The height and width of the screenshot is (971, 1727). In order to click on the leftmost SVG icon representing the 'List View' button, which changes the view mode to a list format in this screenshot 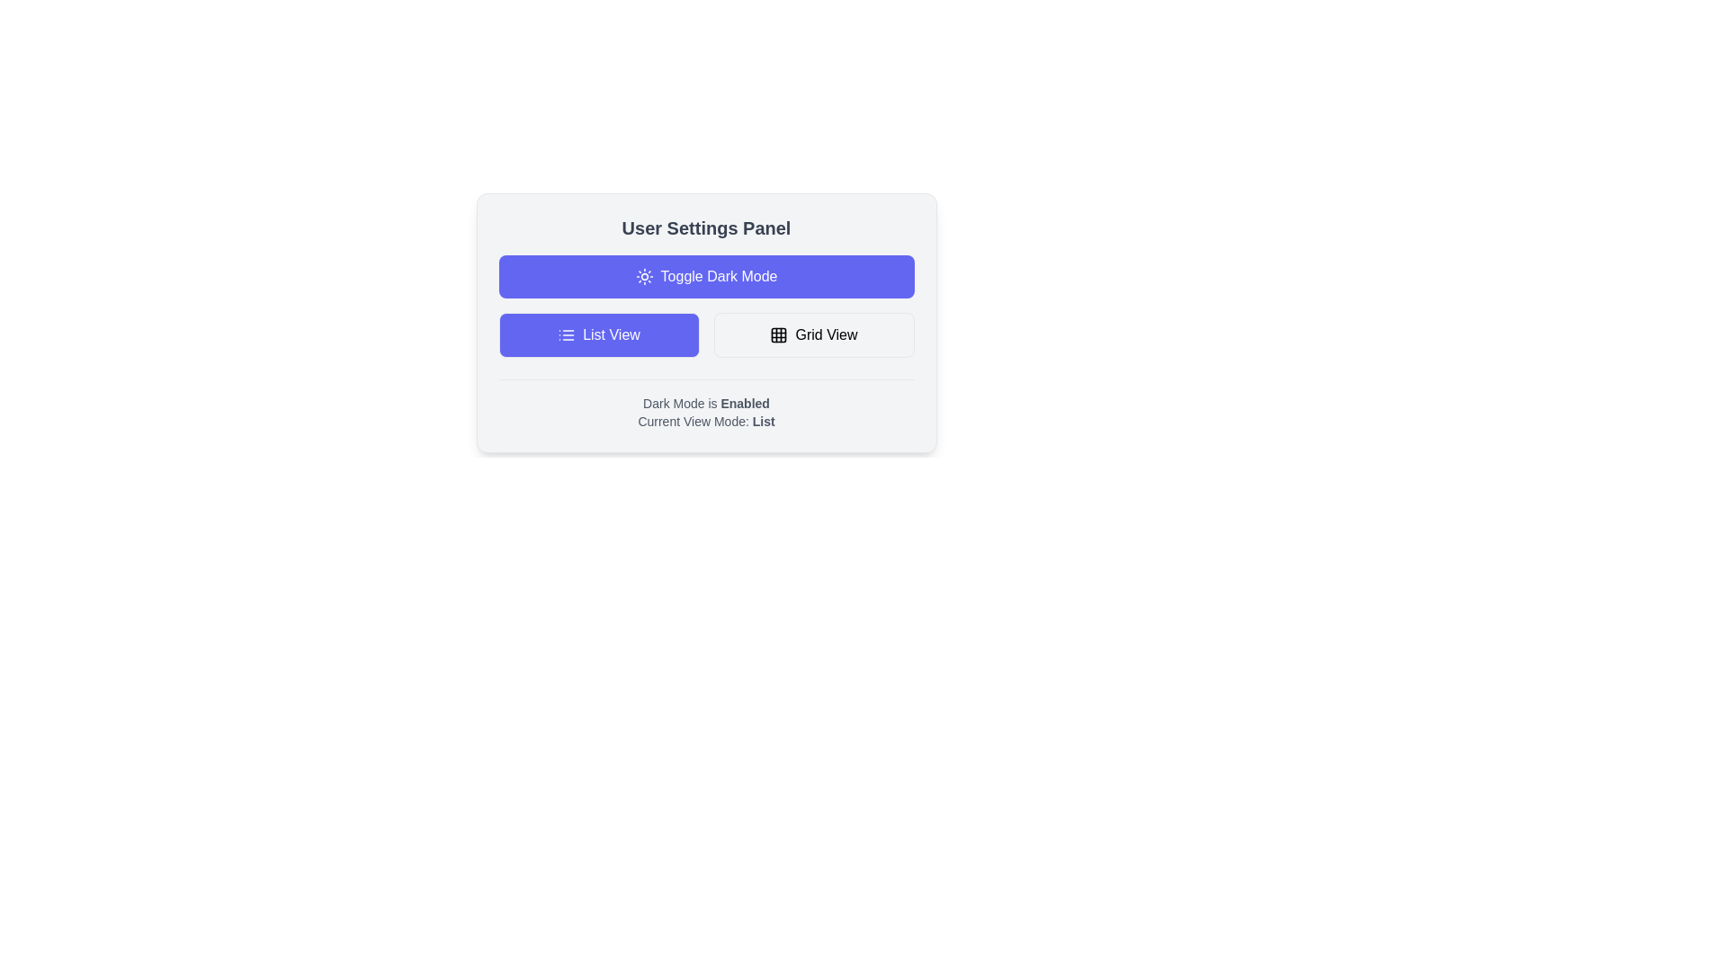, I will do `click(566, 335)`.